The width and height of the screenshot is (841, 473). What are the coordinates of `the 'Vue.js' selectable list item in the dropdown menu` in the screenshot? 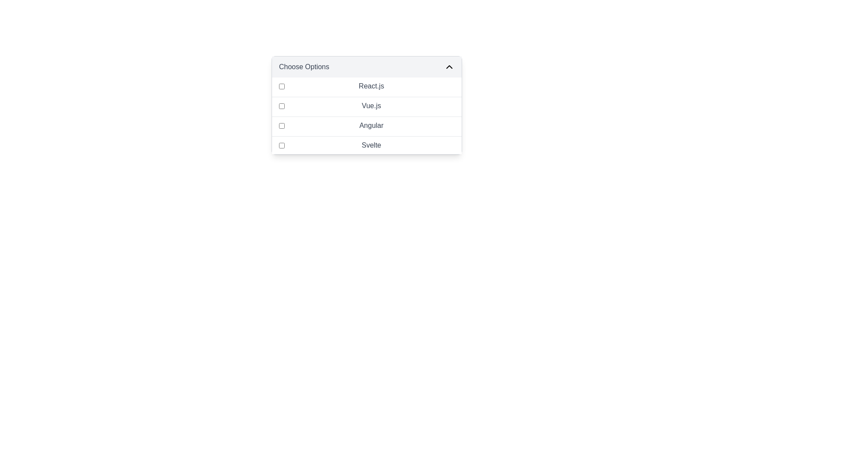 It's located at (367, 105).